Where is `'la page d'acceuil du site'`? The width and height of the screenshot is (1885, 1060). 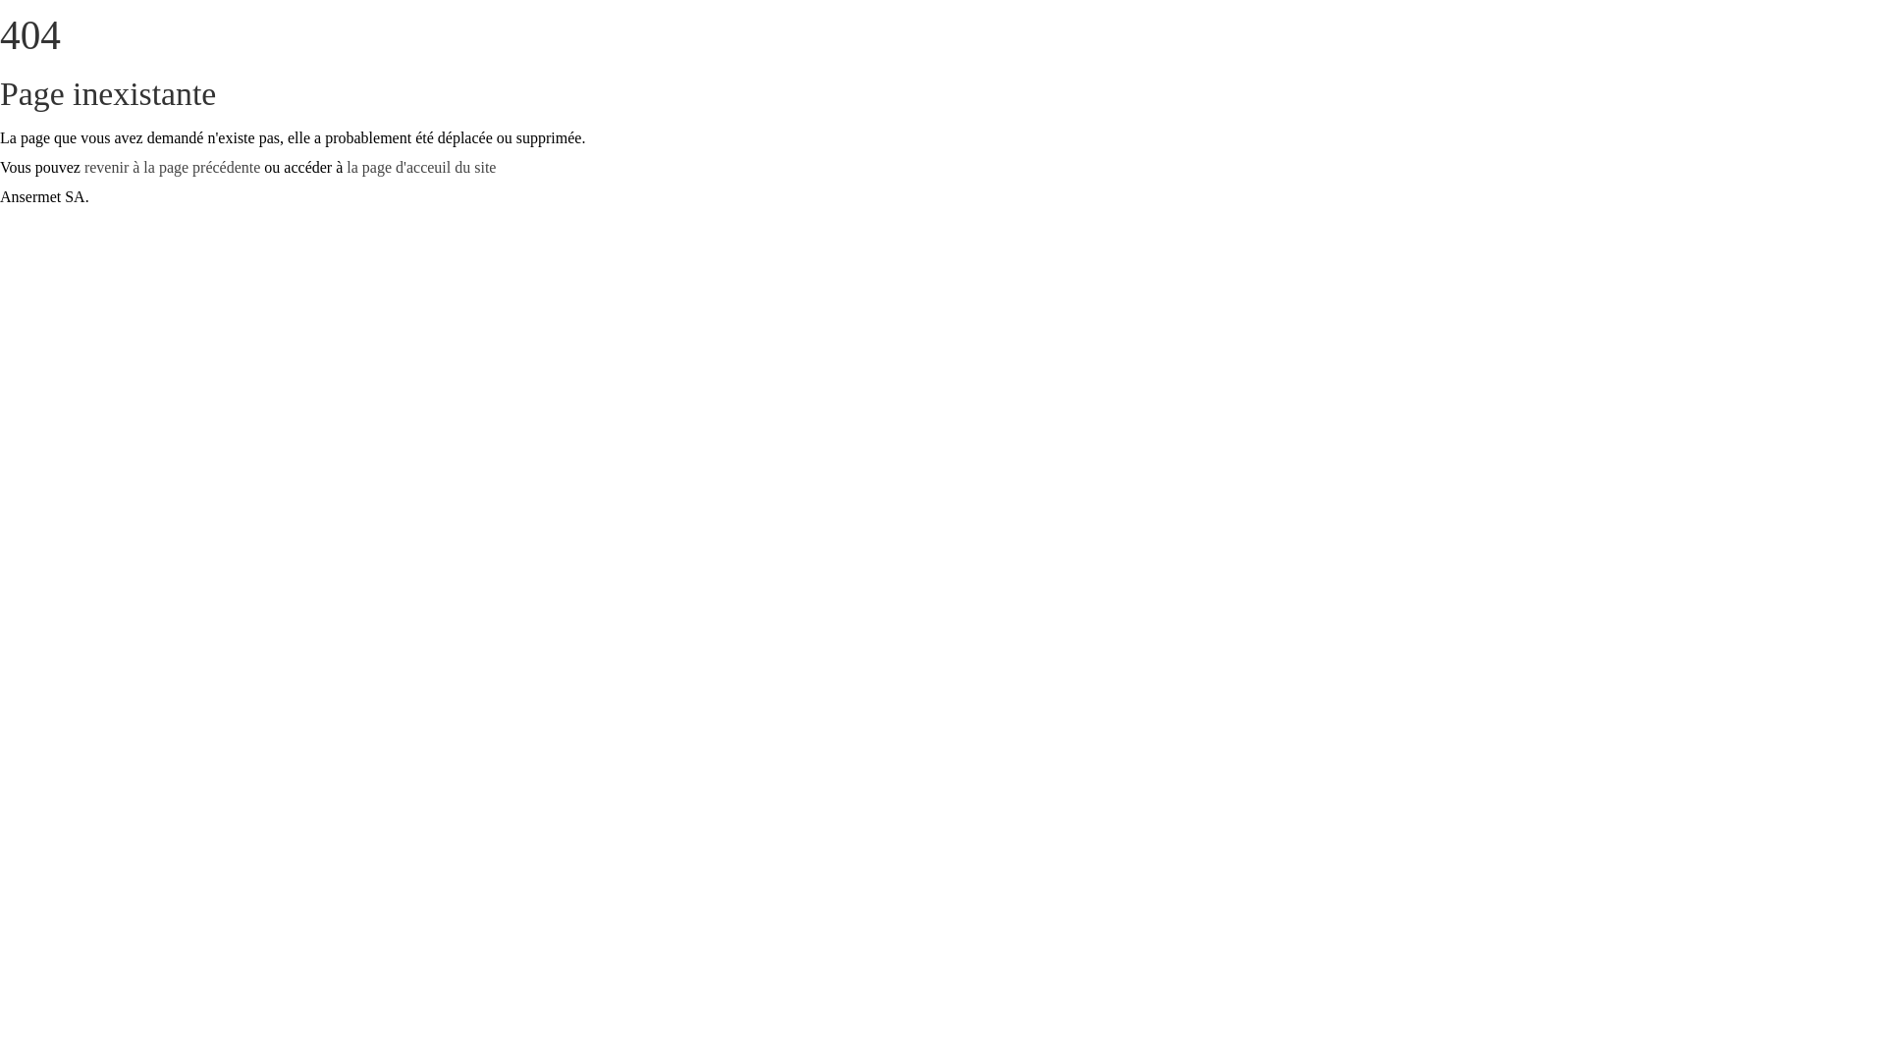 'la page d'acceuil du site' is located at coordinates (347, 166).